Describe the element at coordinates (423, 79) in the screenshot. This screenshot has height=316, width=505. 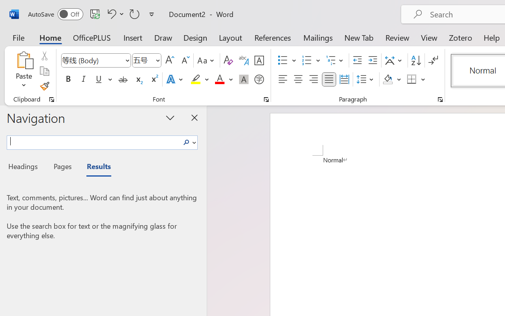
I see `'More Options'` at that location.